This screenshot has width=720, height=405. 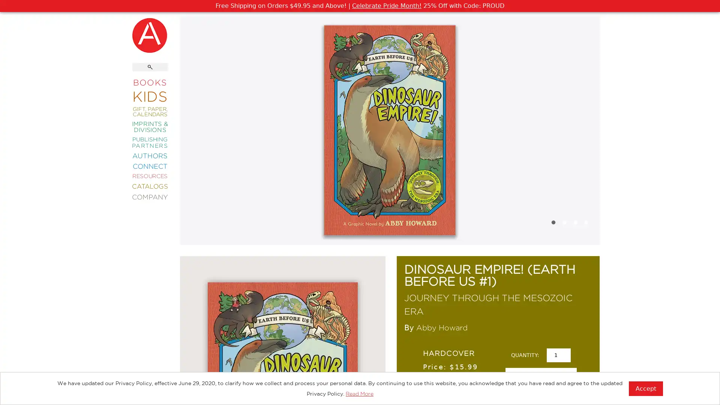 I want to click on ADD TO CART, so click(x=540, y=379).